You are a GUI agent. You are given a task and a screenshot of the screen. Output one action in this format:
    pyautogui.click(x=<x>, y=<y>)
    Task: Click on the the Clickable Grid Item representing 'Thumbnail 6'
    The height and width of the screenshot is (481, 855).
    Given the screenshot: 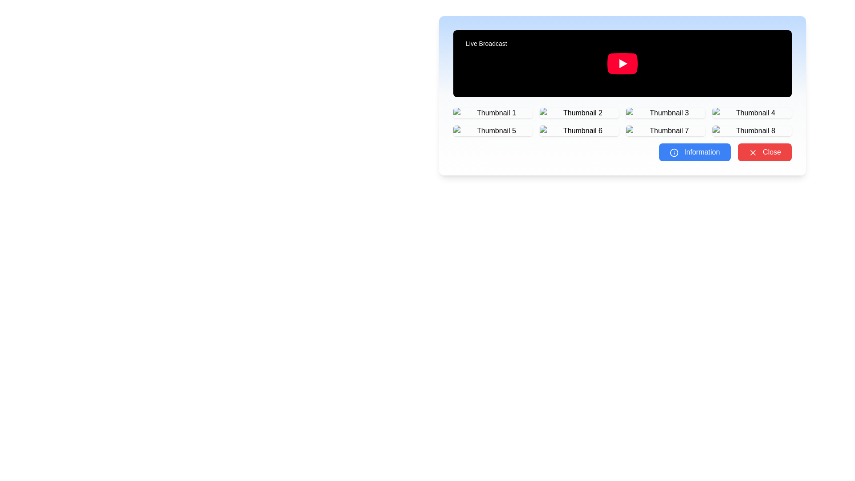 What is the action you would take?
    pyautogui.click(x=579, y=130)
    